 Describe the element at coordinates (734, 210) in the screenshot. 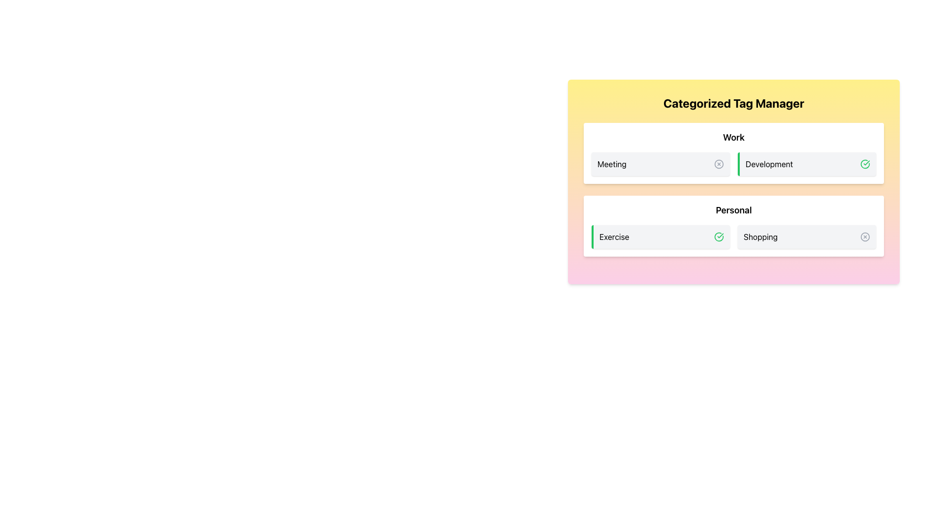

I see `the Text Label that serves as the heading for the 'Personal' category, located centrally between the 'Exercise' and 'Shopping' sections` at that location.